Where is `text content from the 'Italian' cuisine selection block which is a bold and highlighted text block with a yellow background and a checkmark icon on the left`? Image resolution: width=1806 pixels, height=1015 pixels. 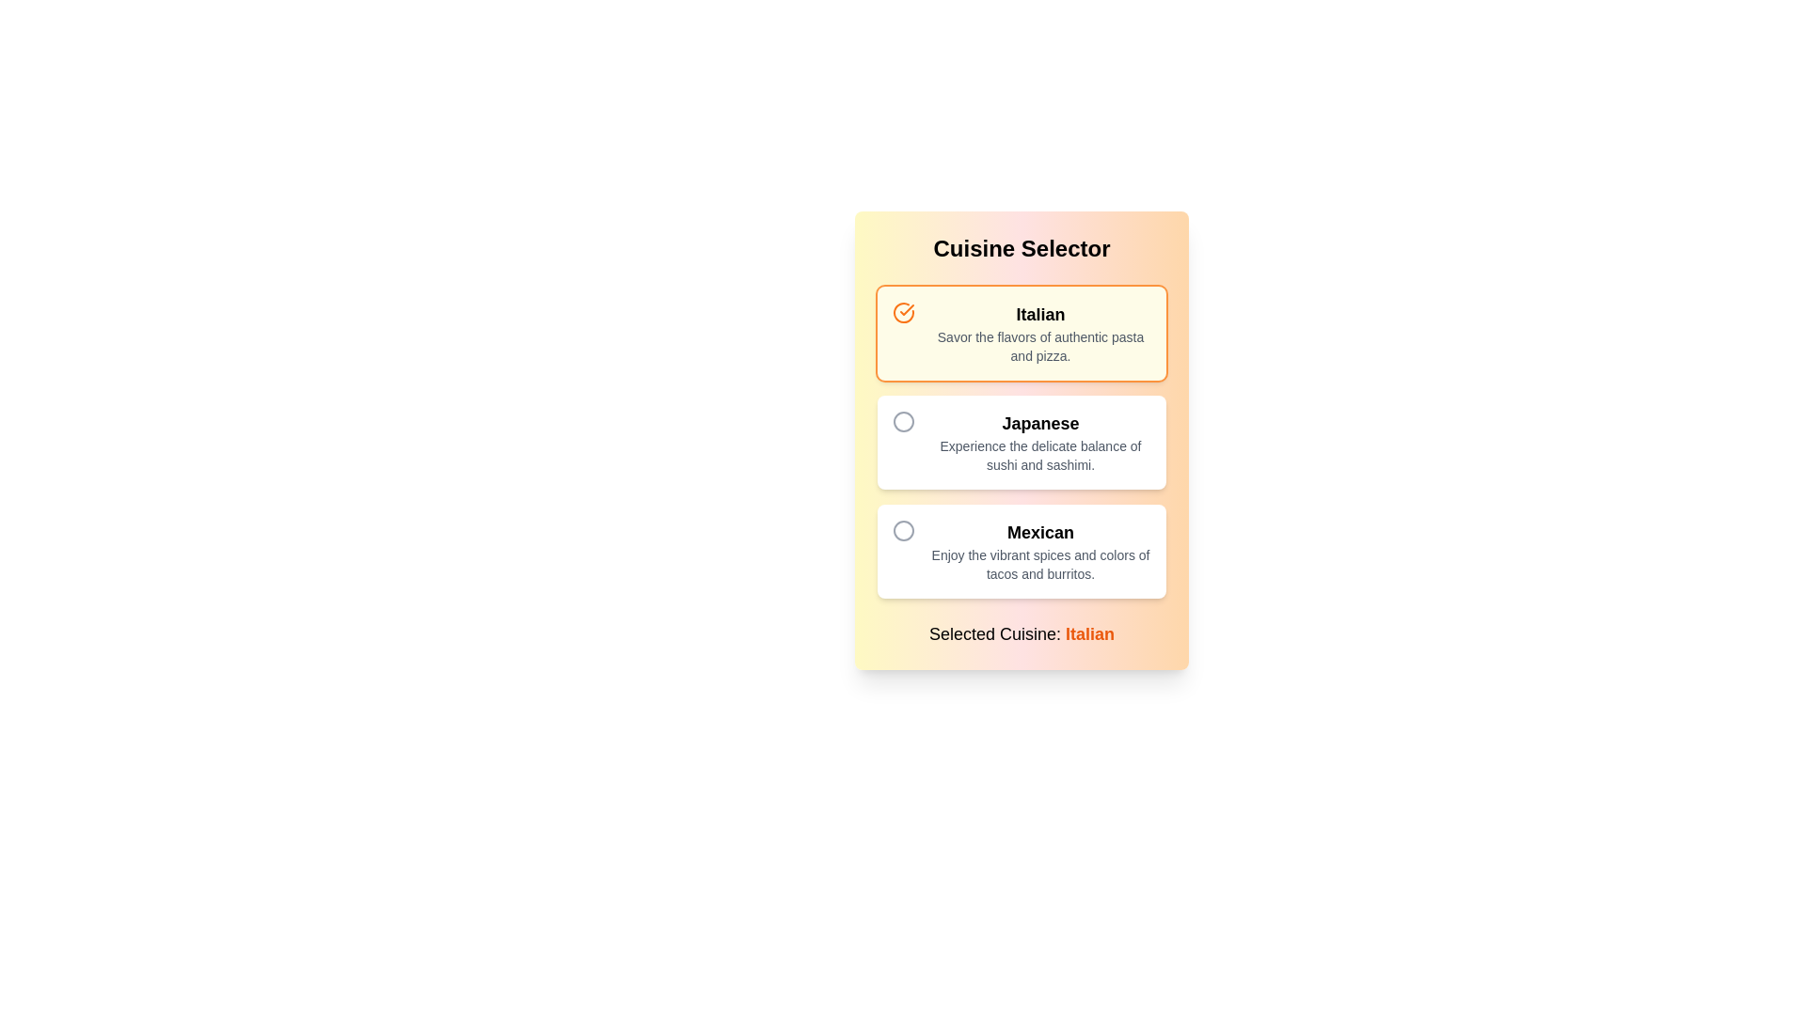 text content from the 'Italian' cuisine selection block which is a bold and highlighted text block with a yellow background and a checkmark icon on the left is located at coordinates (1039, 332).